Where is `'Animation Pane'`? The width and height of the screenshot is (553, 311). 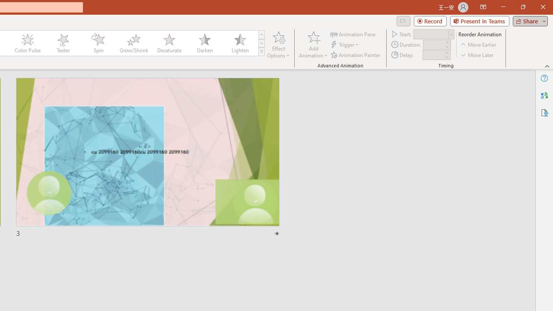 'Animation Pane' is located at coordinates (353, 34).